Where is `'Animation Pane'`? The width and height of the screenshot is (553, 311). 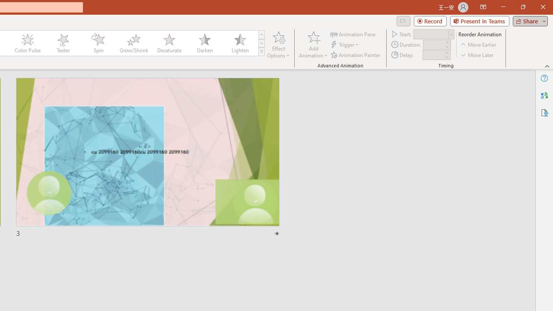 'Animation Pane' is located at coordinates (353, 34).